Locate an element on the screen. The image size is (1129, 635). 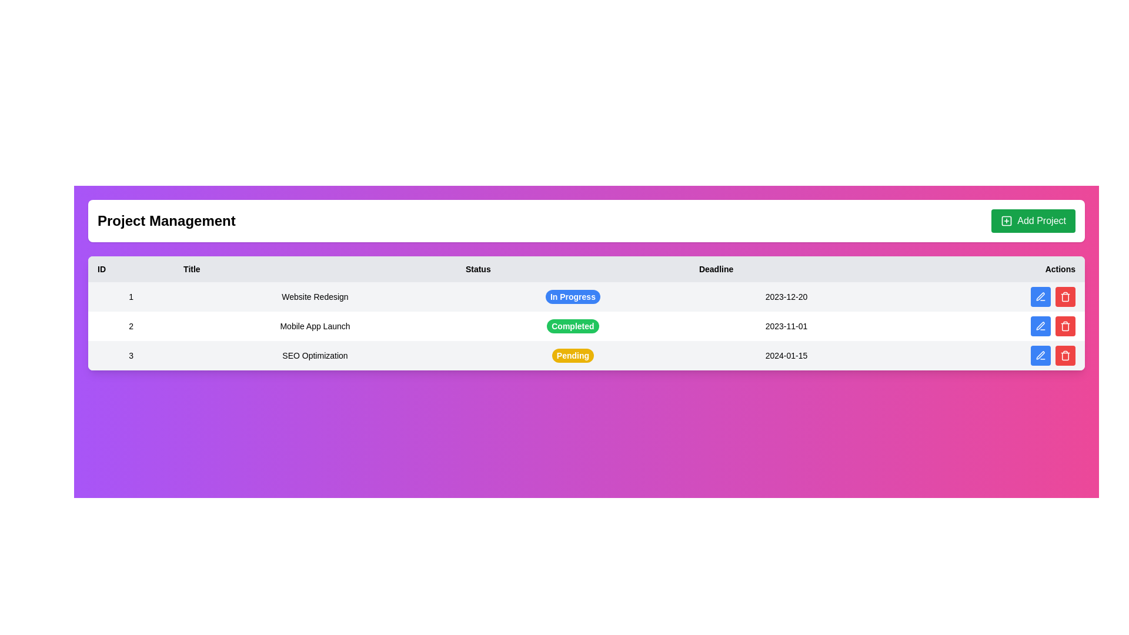
the text label displaying the number '3' in the first cell of the third row under the 'ID' column of the table is located at coordinates (131, 355).